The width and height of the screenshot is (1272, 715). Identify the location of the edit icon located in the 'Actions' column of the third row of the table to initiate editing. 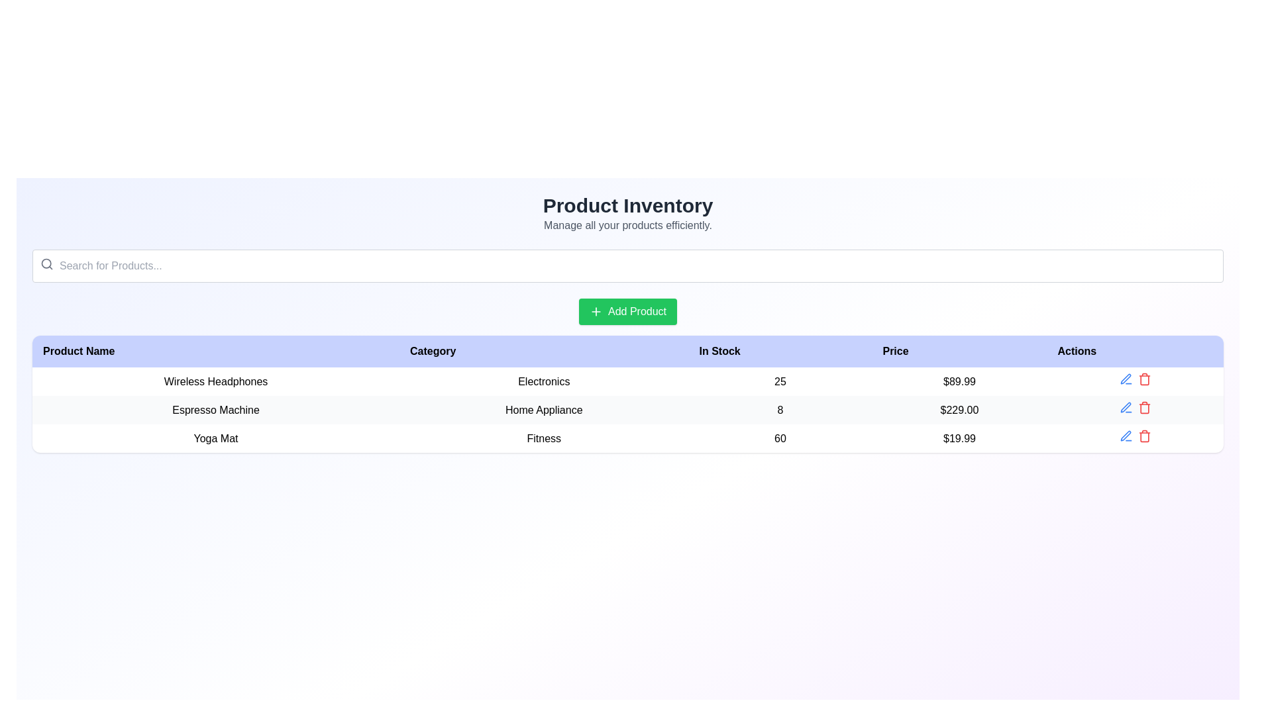
(1125, 436).